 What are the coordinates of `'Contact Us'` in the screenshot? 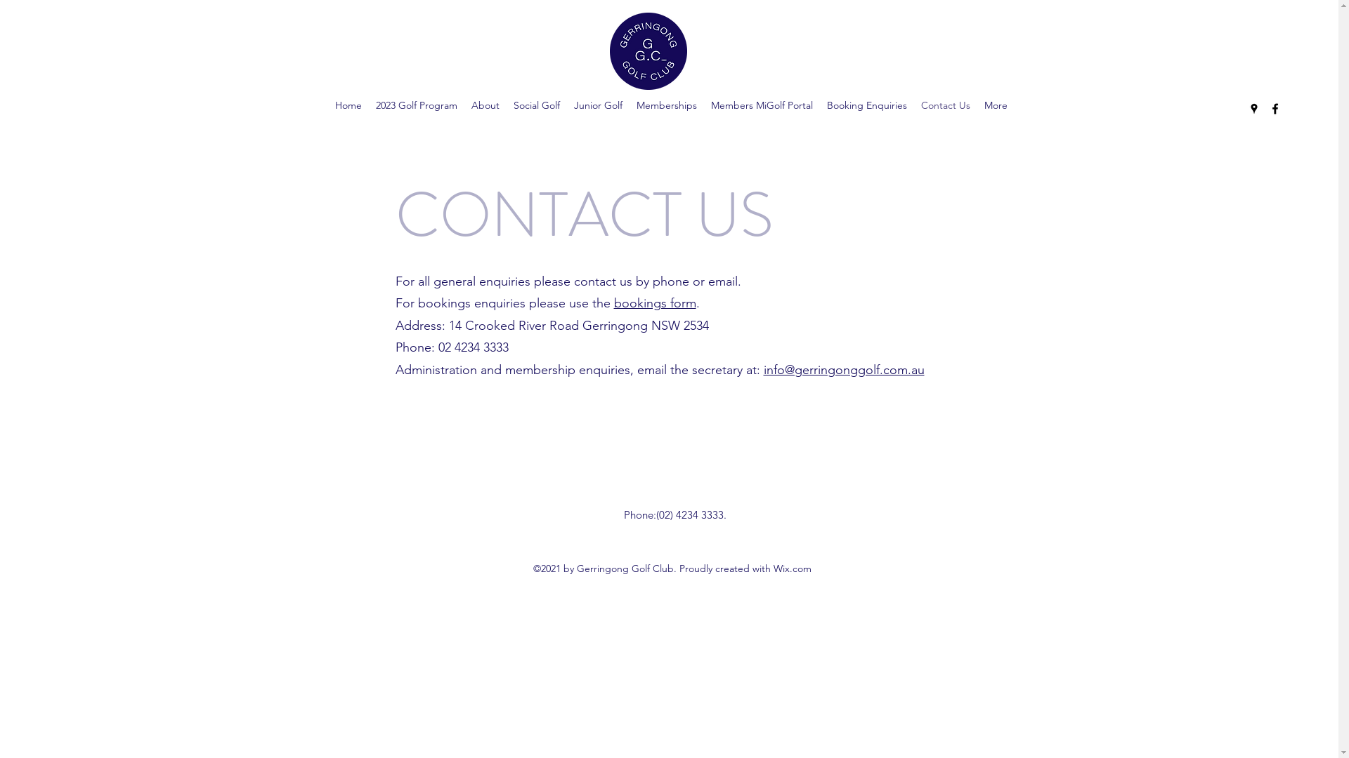 It's located at (913, 105).